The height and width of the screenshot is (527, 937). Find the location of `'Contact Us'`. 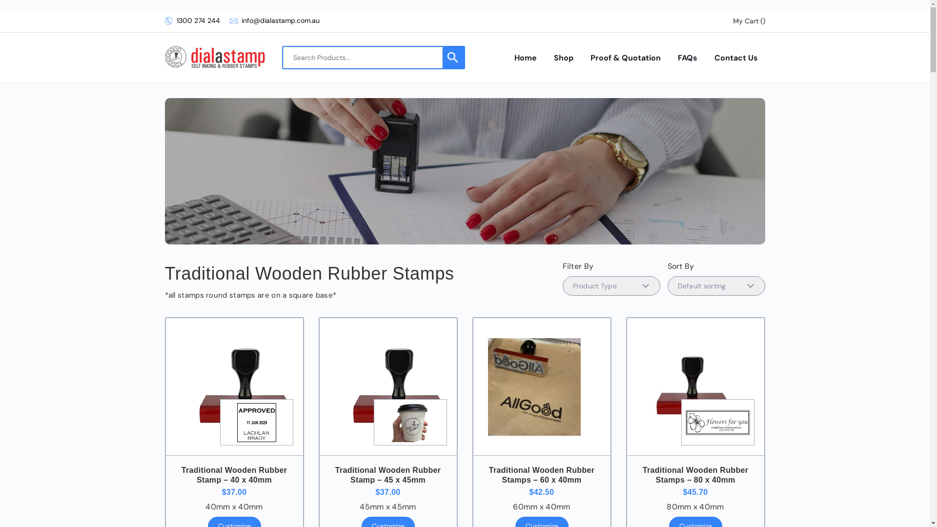

'Contact Us' is located at coordinates (736, 58).